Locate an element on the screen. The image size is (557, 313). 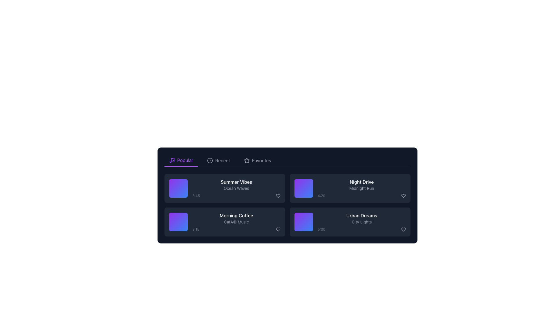
the time duration displayed in the bottom right portion of the 'Night Drive' card, which indicates the track's length is located at coordinates (361, 196).